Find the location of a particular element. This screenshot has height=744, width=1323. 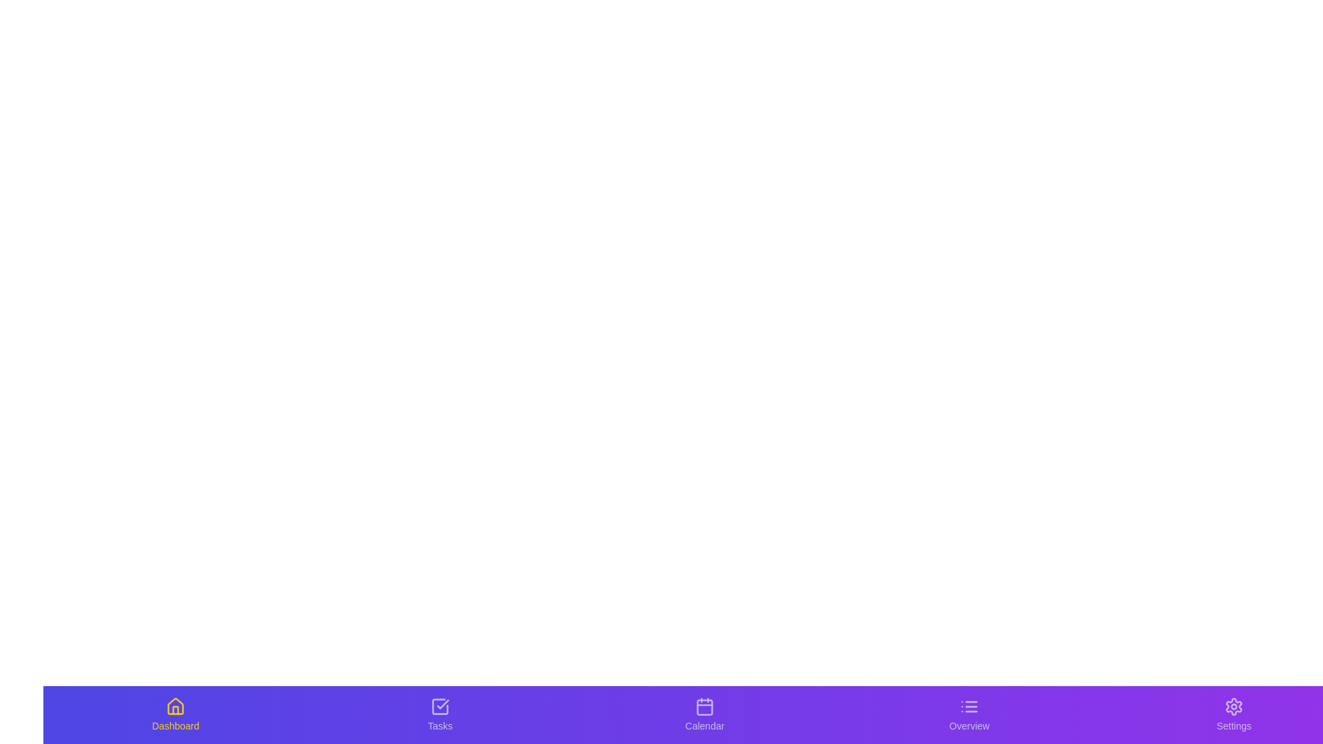

the tab labeled Tasks is located at coordinates (439, 714).